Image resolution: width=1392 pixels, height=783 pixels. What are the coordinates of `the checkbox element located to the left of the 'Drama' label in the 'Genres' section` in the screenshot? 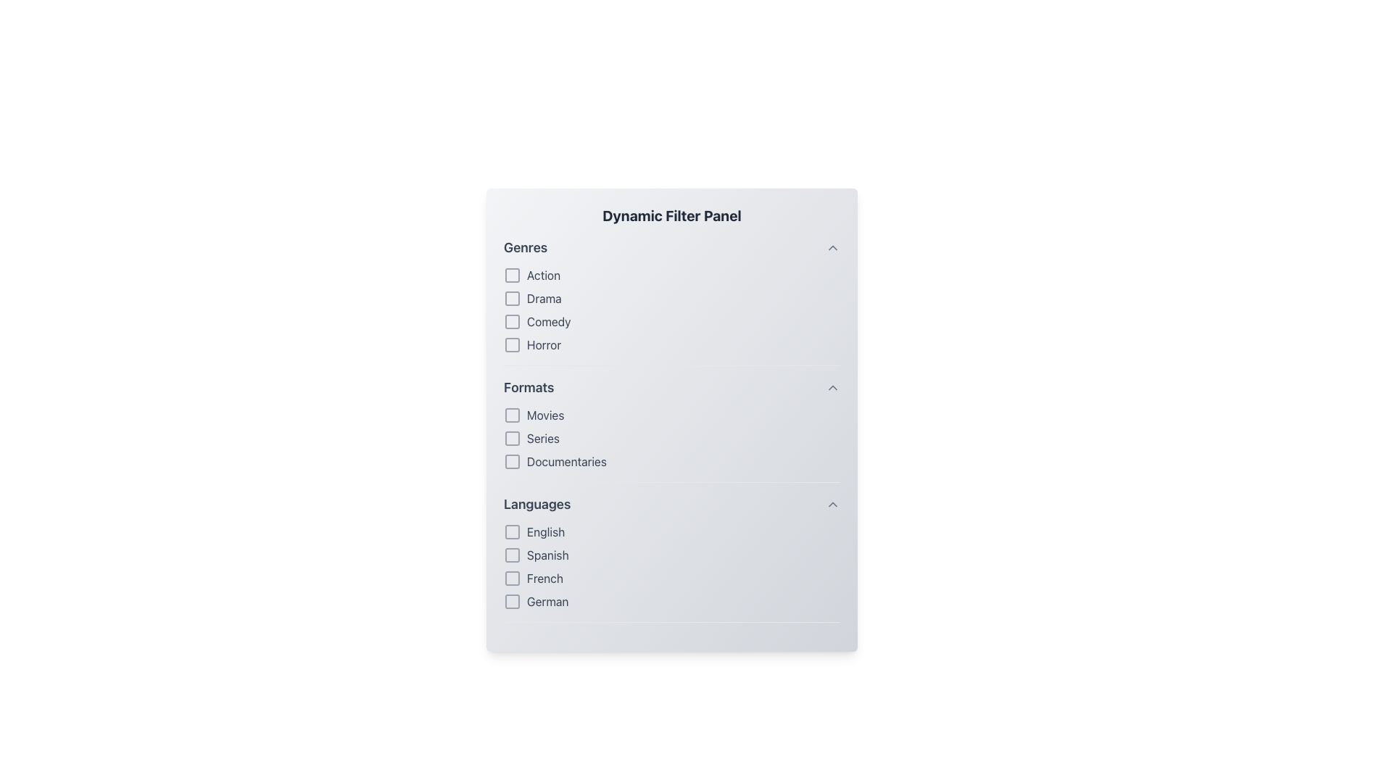 It's located at (512, 298).